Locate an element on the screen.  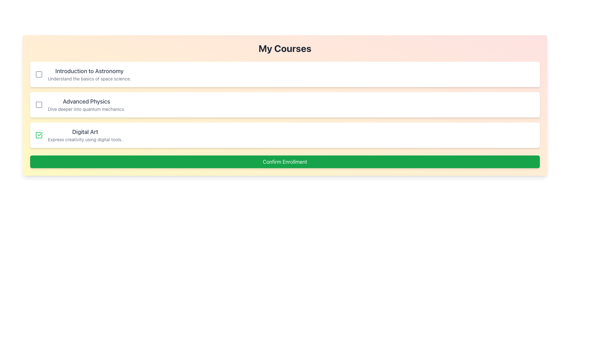
the selection icon that indicates the 'Digital Art' course is selected or enrolled is located at coordinates (39, 135).